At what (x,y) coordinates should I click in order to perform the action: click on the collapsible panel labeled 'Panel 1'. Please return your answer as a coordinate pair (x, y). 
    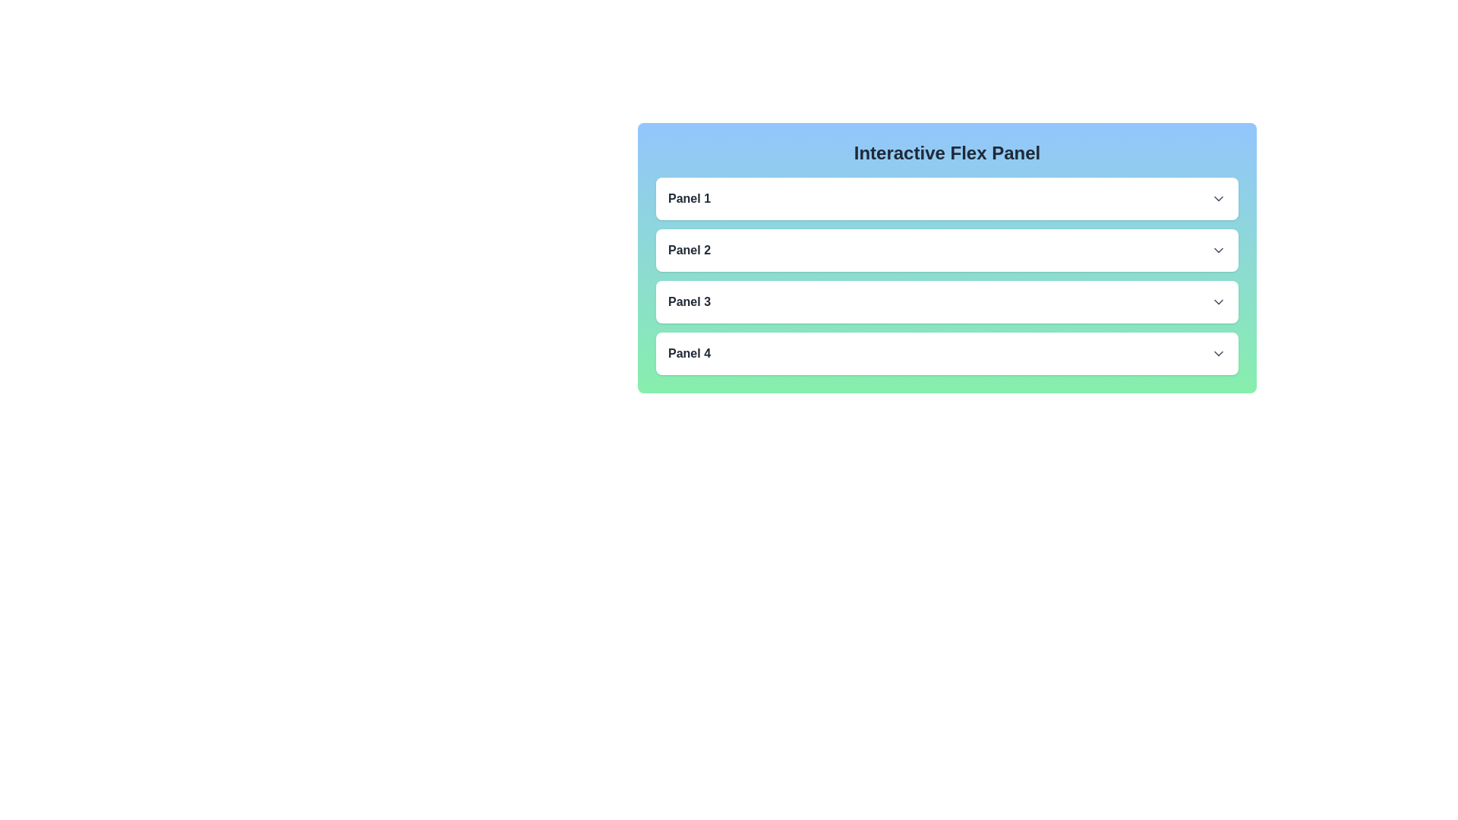
    Looking at the image, I should click on (946, 198).